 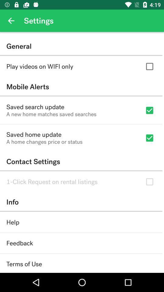 I want to click on the item to the left of settings app, so click(x=11, y=21).